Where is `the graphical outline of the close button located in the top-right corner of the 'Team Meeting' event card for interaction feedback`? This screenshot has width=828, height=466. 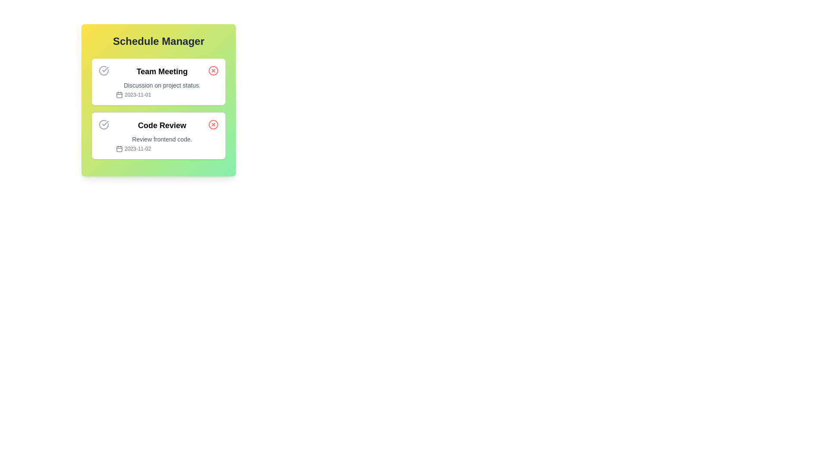
the graphical outline of the close button located in the top-right corner of the 'Team Meeting' event card for interaction feedback is located at coordinates (213, 70).